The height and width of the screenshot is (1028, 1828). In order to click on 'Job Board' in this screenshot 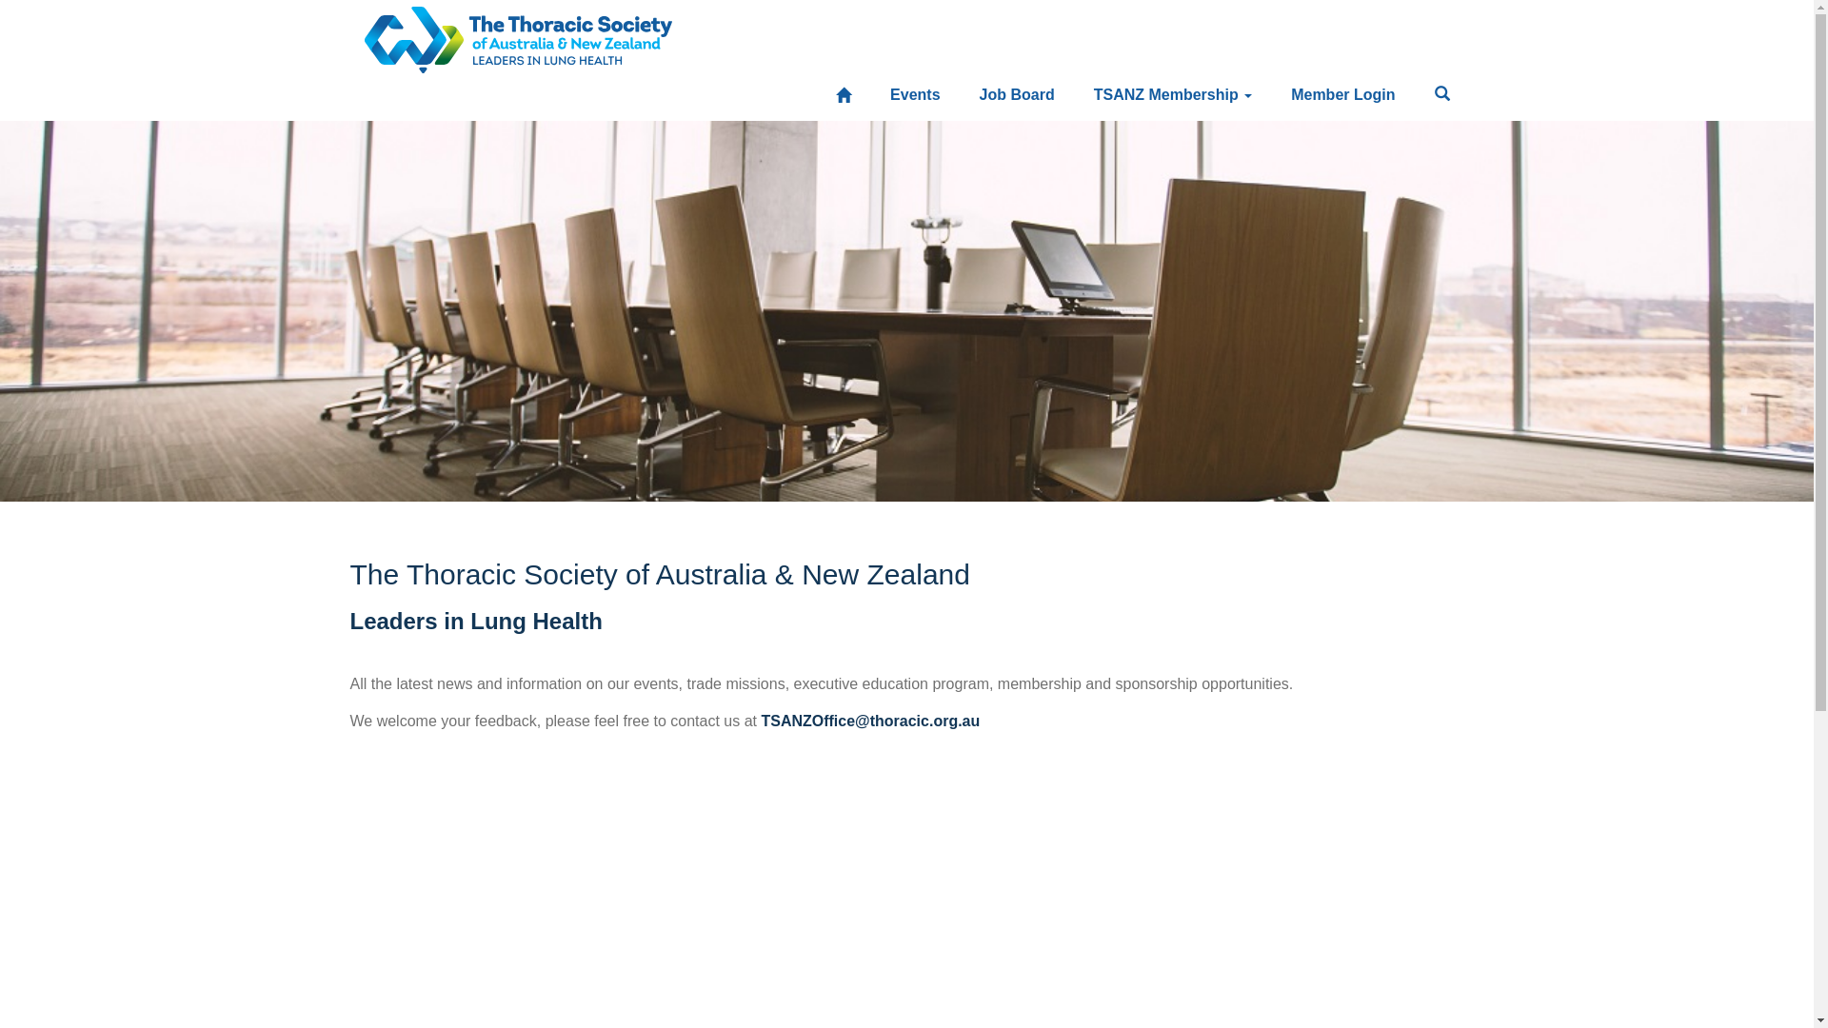, I will do `click(1016, 95)`.